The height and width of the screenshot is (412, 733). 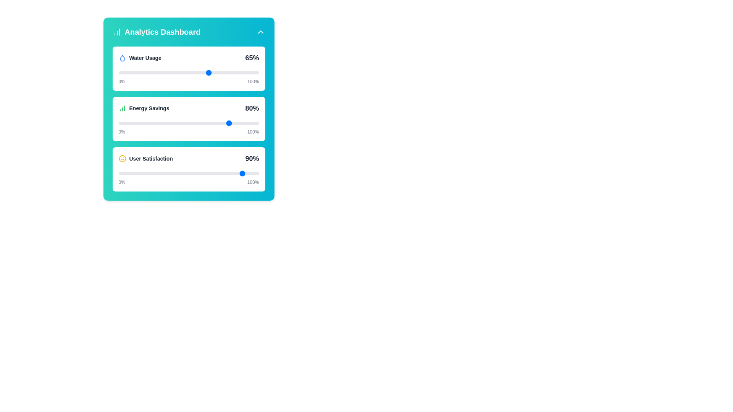 I want to click on energy savings, so click(x=149, y=123).